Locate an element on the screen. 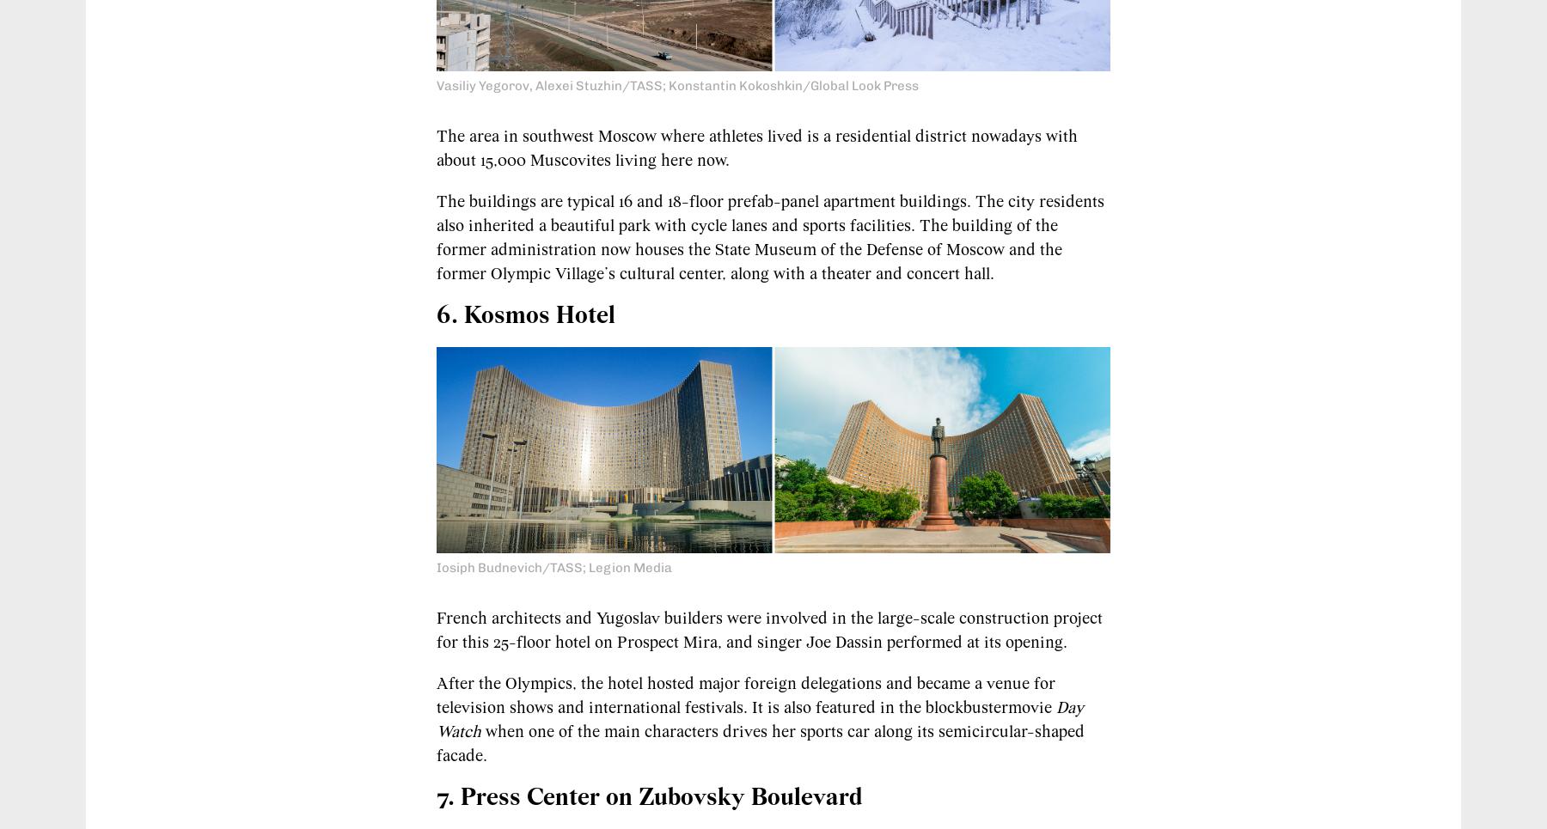 The height and width of the screenshot is (829, 1547). 'The area in southwest Moscow where athletes lived is a residential district nowadays with about 15,000 Muscovites living here now.' is located at coordinates (435, 148).